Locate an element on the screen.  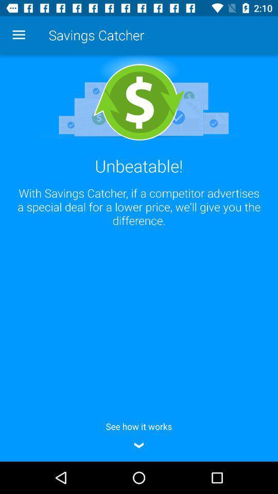
icon at the top left corner is located at coordinates (19, 35).